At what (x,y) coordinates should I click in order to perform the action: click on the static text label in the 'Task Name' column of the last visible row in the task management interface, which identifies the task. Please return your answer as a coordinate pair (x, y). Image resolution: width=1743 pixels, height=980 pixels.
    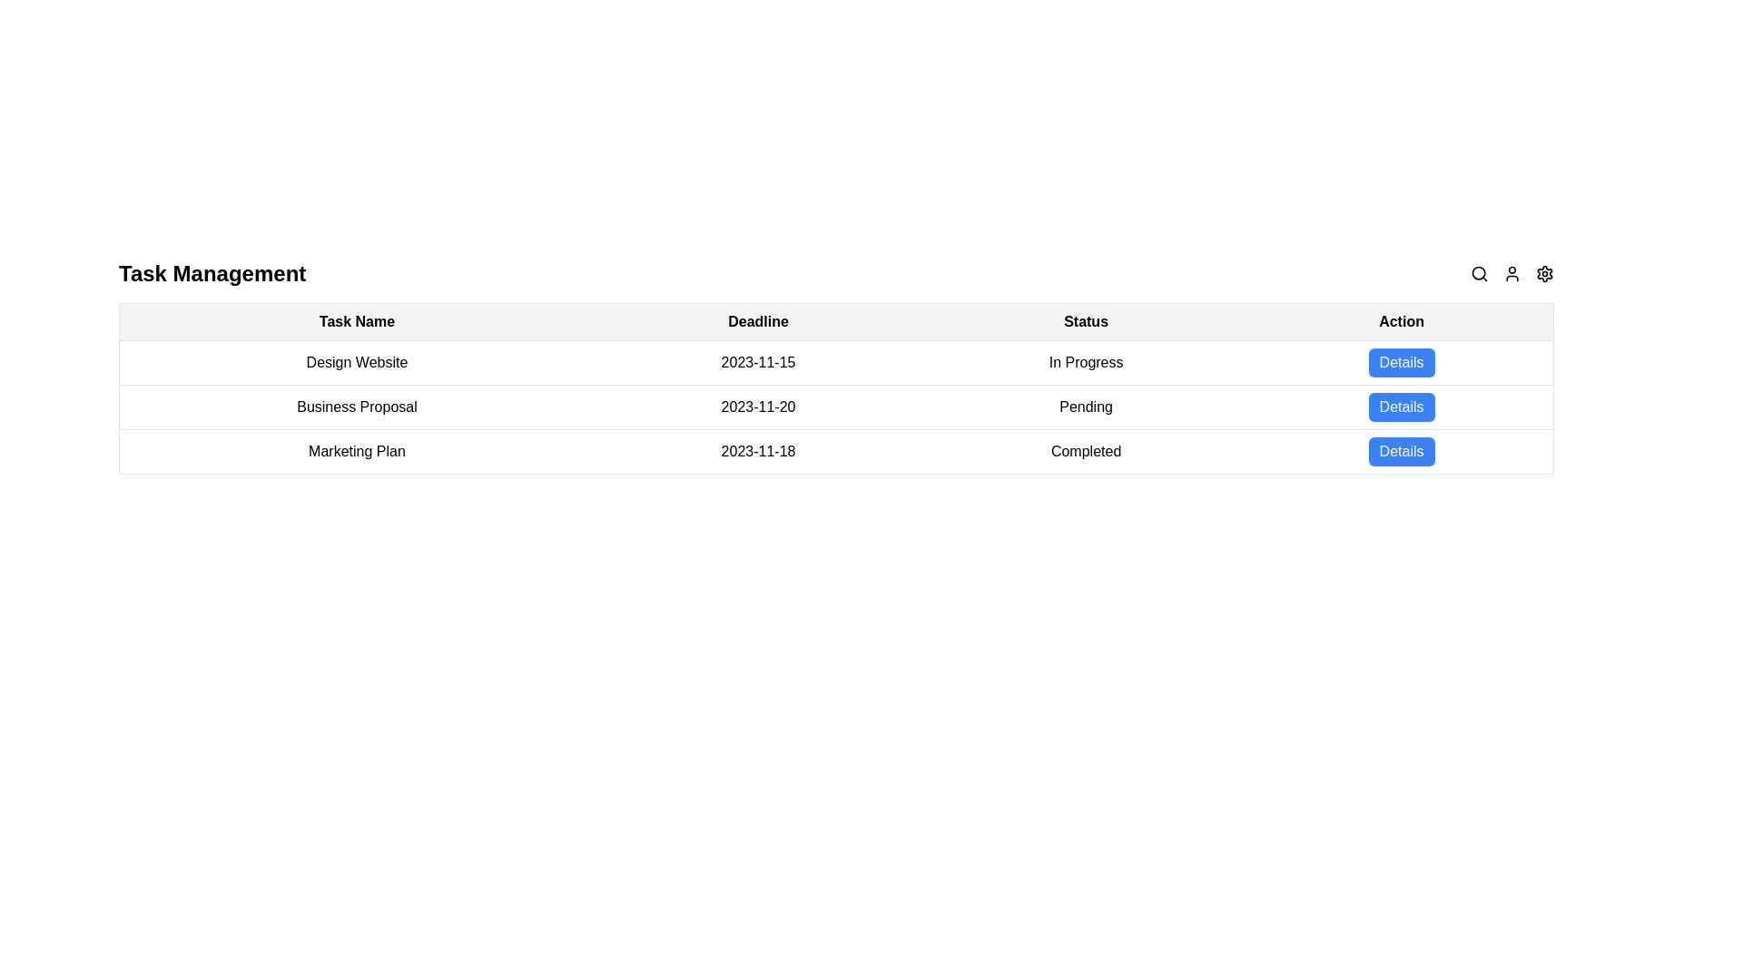
    Looking at the image, I should click on (357, 450).